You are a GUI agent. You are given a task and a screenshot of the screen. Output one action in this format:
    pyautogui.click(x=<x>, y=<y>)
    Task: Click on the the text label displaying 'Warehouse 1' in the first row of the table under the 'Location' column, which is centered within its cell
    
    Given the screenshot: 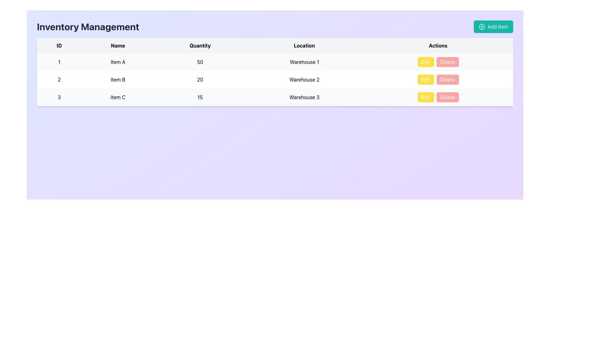 What is the action you would take?
    pyautogui.click(x=304, y=62)
    